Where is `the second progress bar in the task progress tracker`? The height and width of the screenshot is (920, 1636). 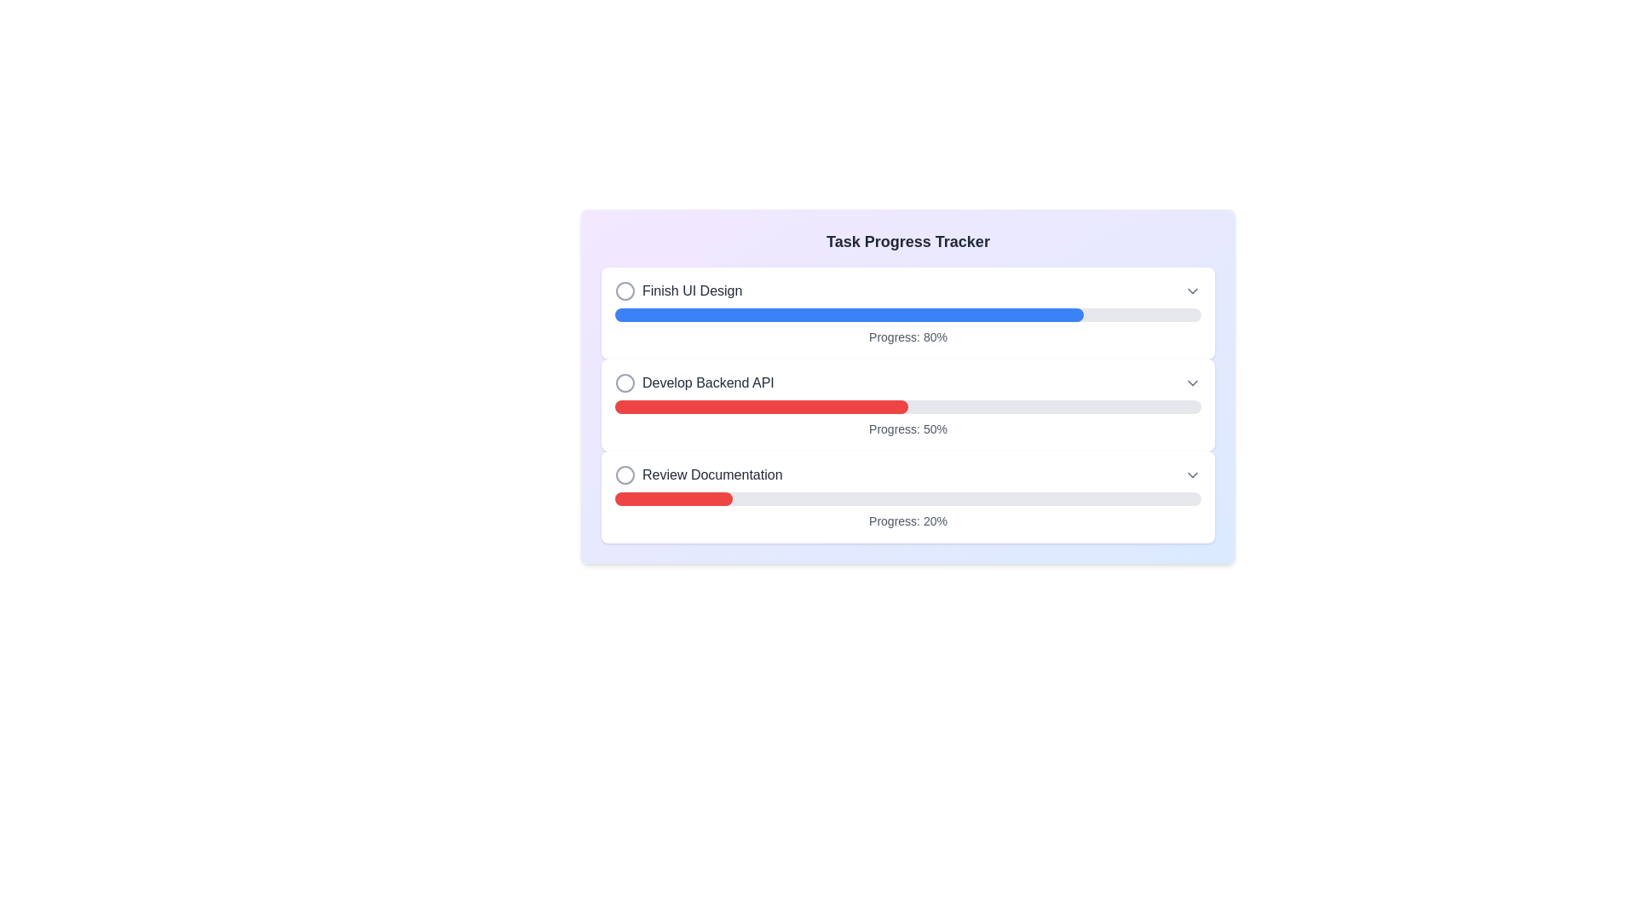
the second progress bar in the task progress tracker is located at coordinates (907, 387).